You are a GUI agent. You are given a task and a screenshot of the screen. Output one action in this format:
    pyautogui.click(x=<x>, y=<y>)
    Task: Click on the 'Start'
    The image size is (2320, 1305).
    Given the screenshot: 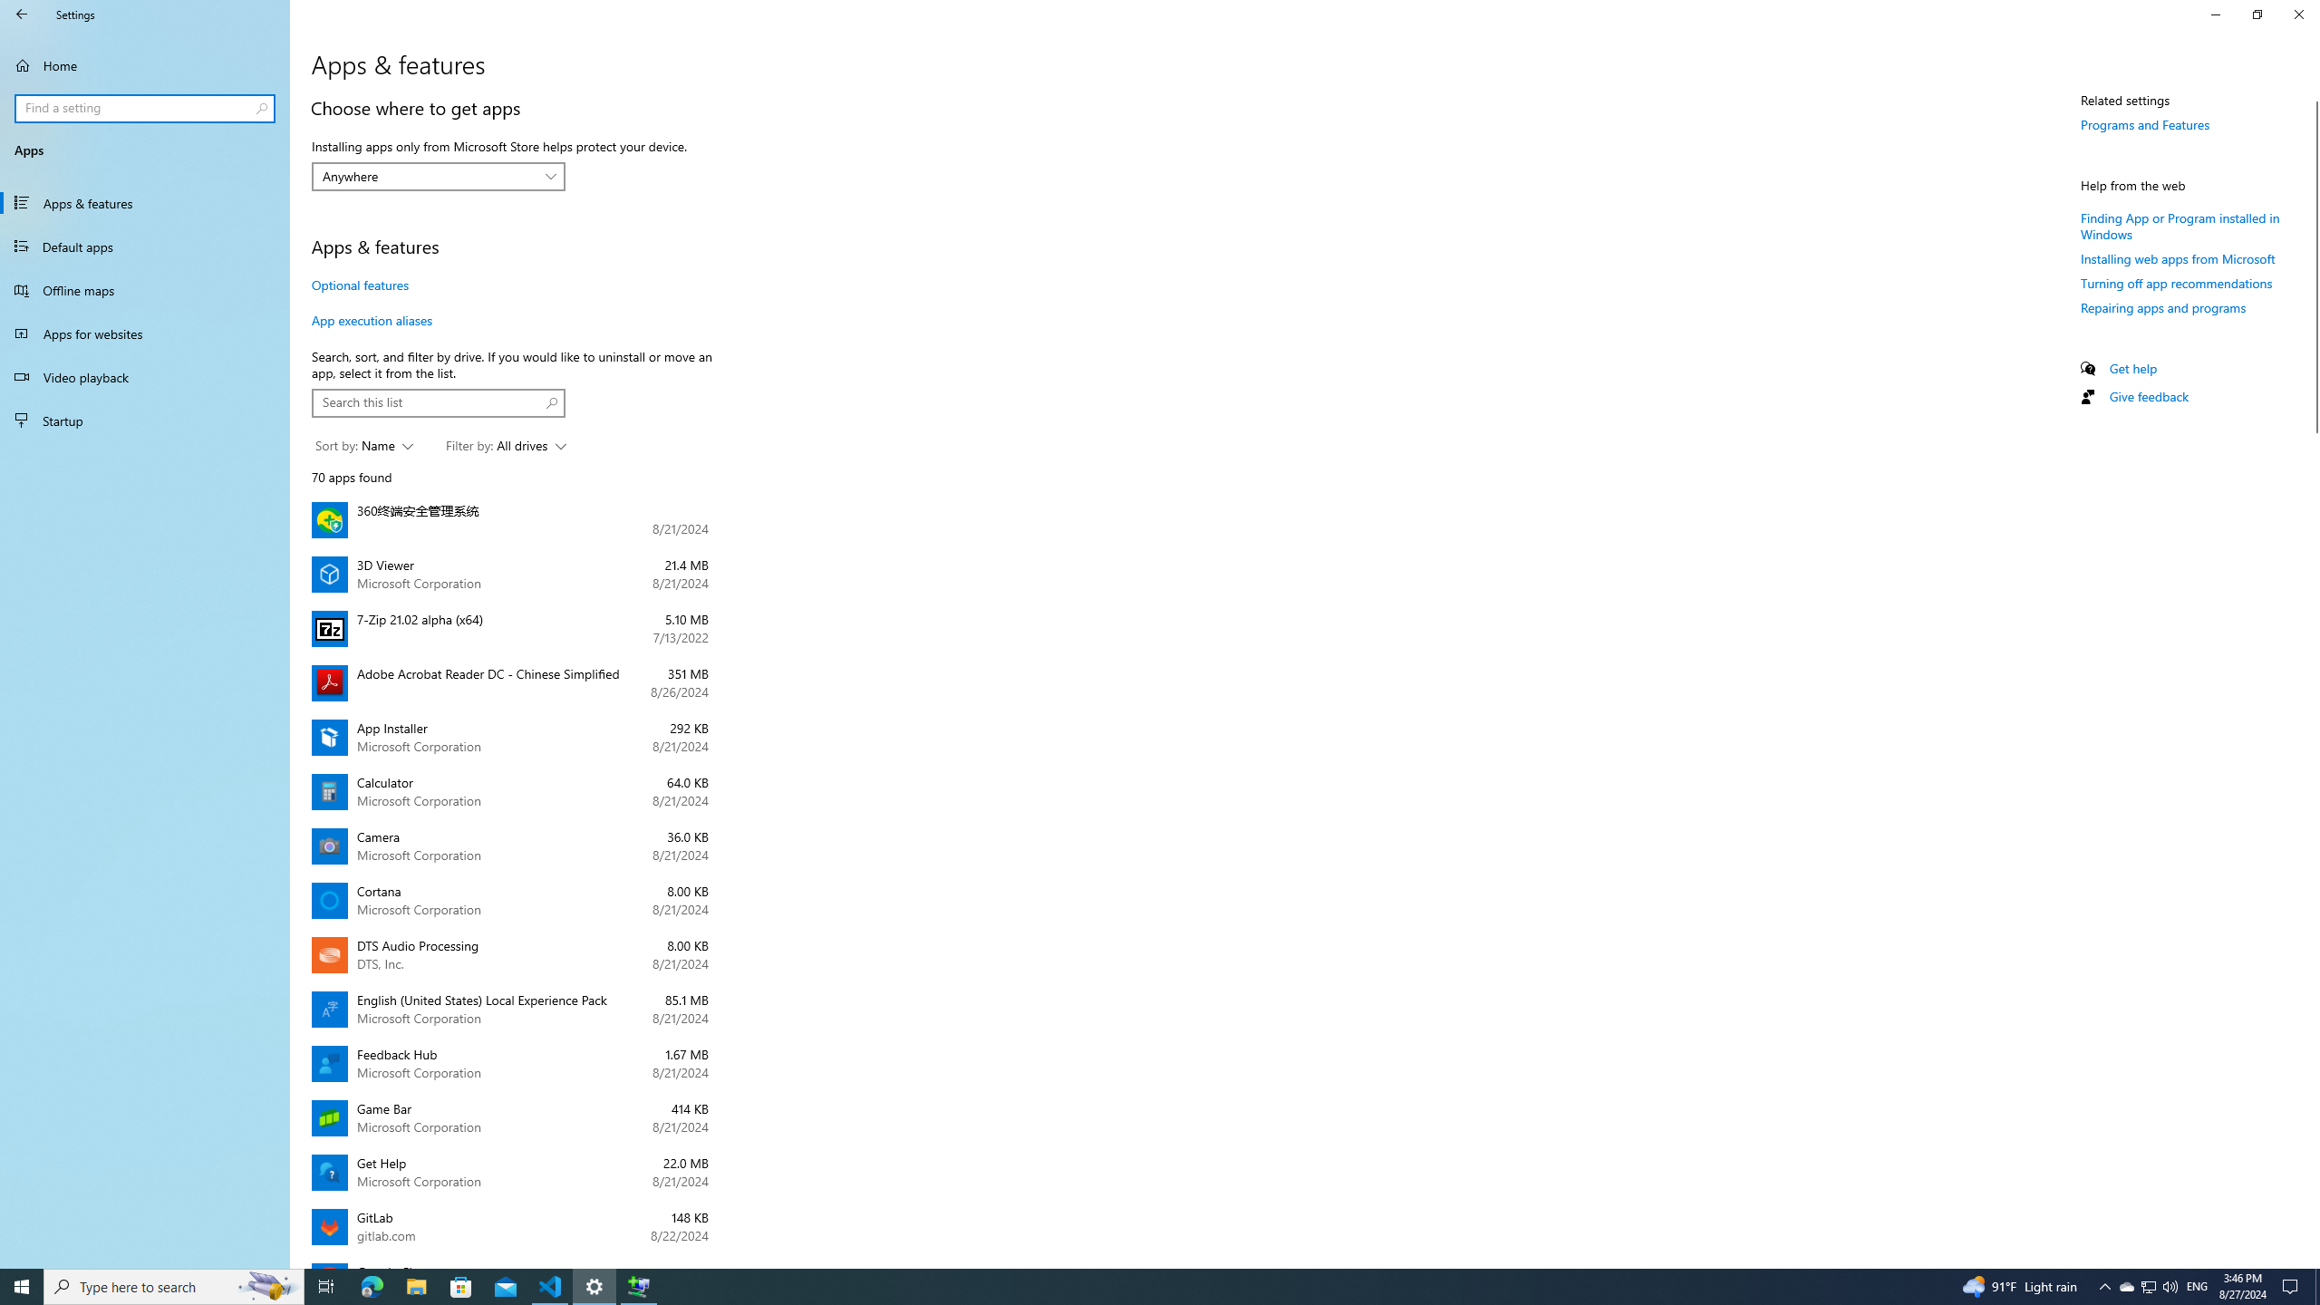 What is the action you would take?
    pyautogui.click(x=22, y=1285)
    